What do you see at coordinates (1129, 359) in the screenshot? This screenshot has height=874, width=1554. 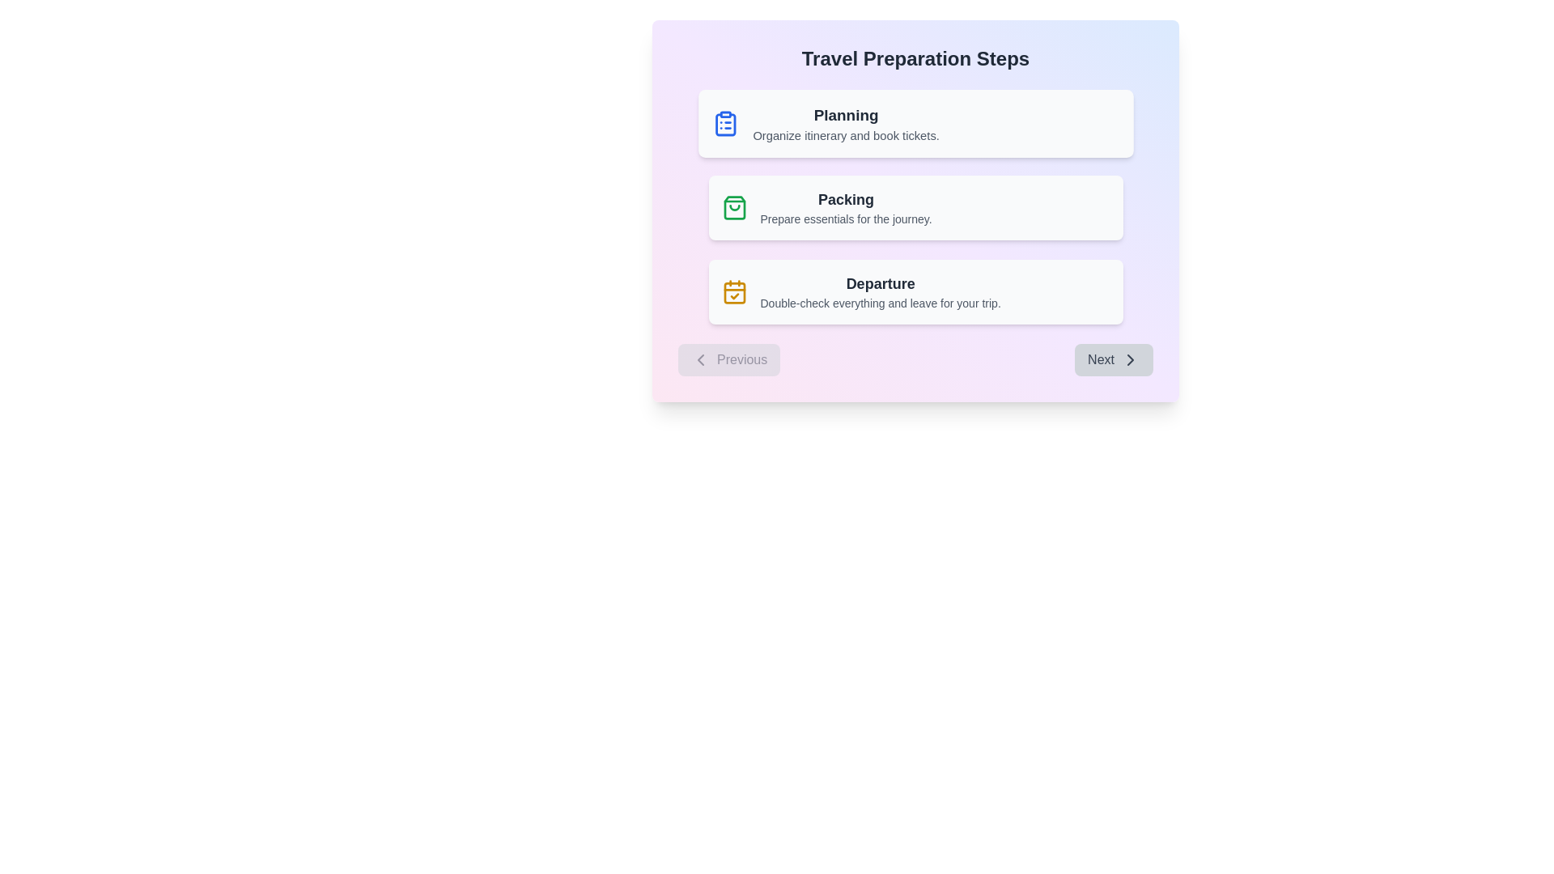 I see `the small right-pointing chevron icon within the 'Next' button located at the bottom-right corner of the interface` at bounding box center [1129, 359].